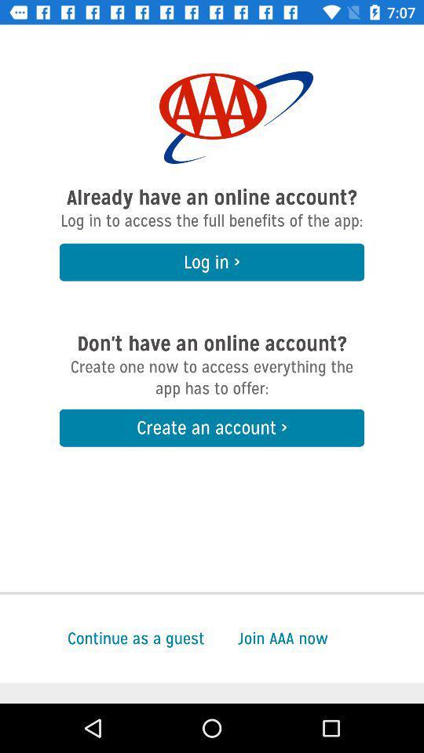 The height and width of the screenshot is (753, 424). What do you see at coordinates (330, 638) in the screenshot?
I see `the item to the right of continue as a` at bounding box center [330, 638].